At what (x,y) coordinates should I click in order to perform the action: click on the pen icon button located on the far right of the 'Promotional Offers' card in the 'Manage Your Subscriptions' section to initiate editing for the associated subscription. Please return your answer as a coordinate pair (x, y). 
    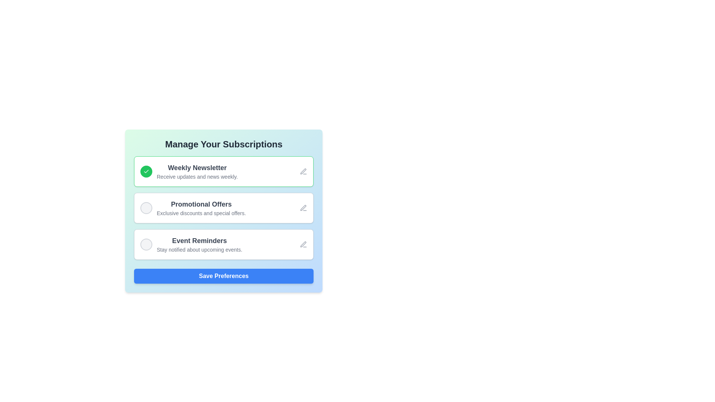
    Looking at the image, I should click on (304, 208).